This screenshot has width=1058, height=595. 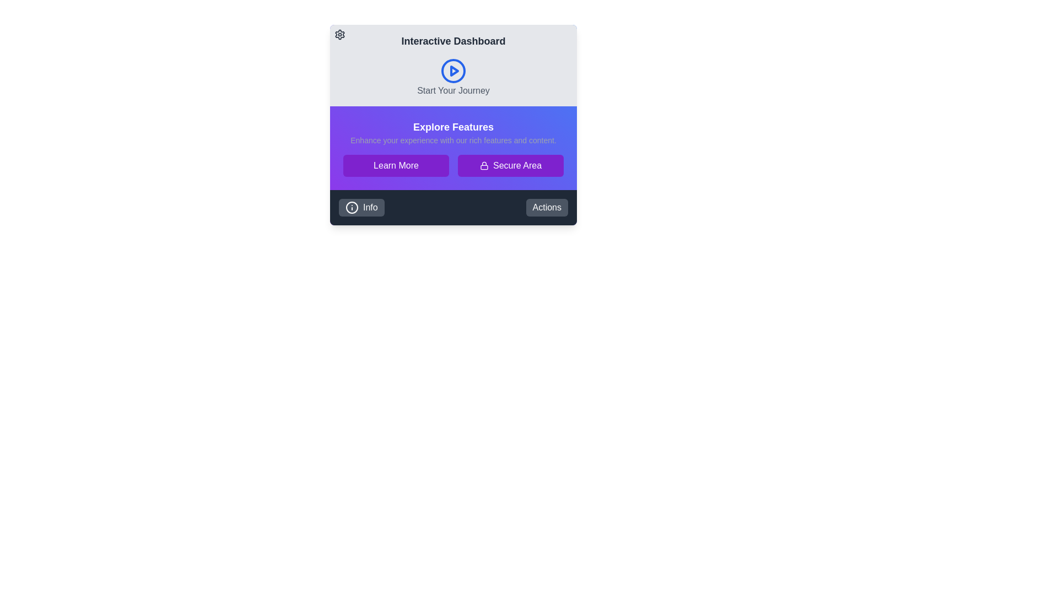 What do you see at coordinates (453, 139) in the screenshot?
I see `the static text element displaying the message 'Enhance your experience with our rich features and content.' which is located directly below the heading 'Explore Features.'` at bounding box center [453, 139].